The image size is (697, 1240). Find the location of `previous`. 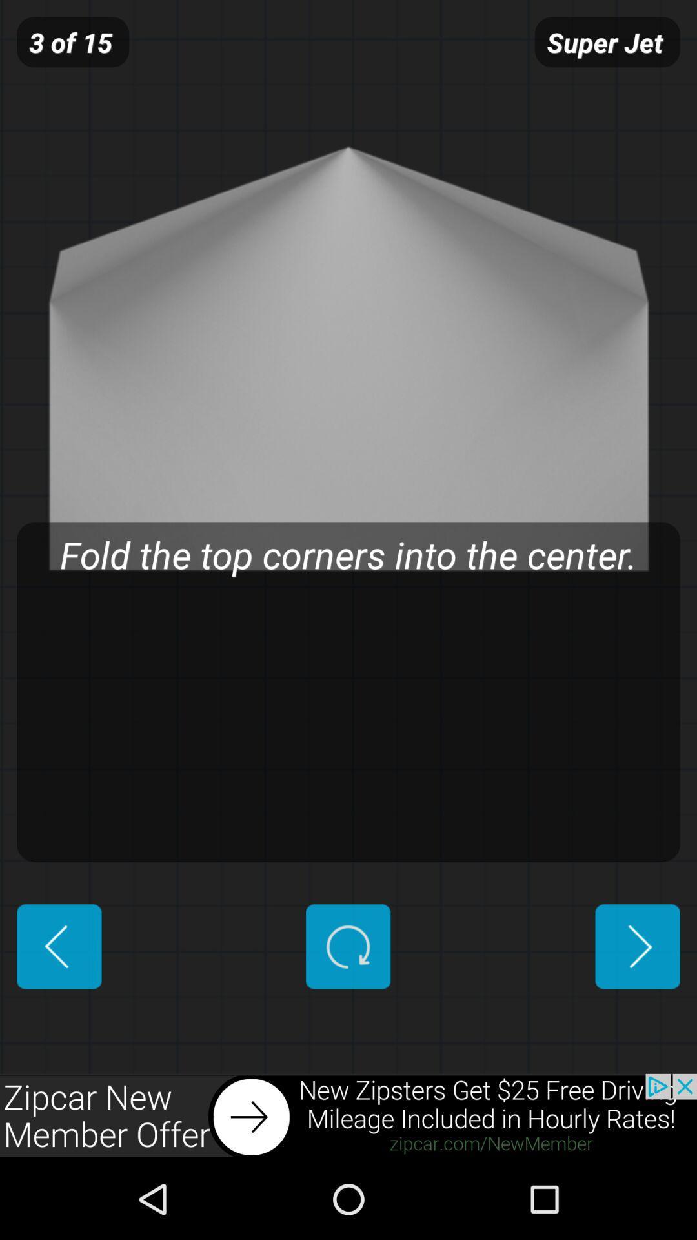

previous is located at coordinates (59, 946).